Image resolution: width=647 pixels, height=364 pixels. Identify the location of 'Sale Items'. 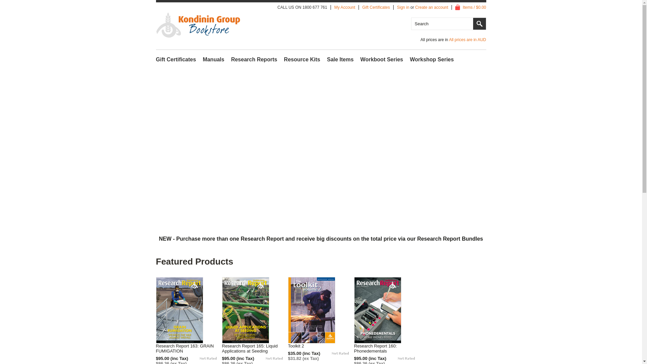
(340, 59).